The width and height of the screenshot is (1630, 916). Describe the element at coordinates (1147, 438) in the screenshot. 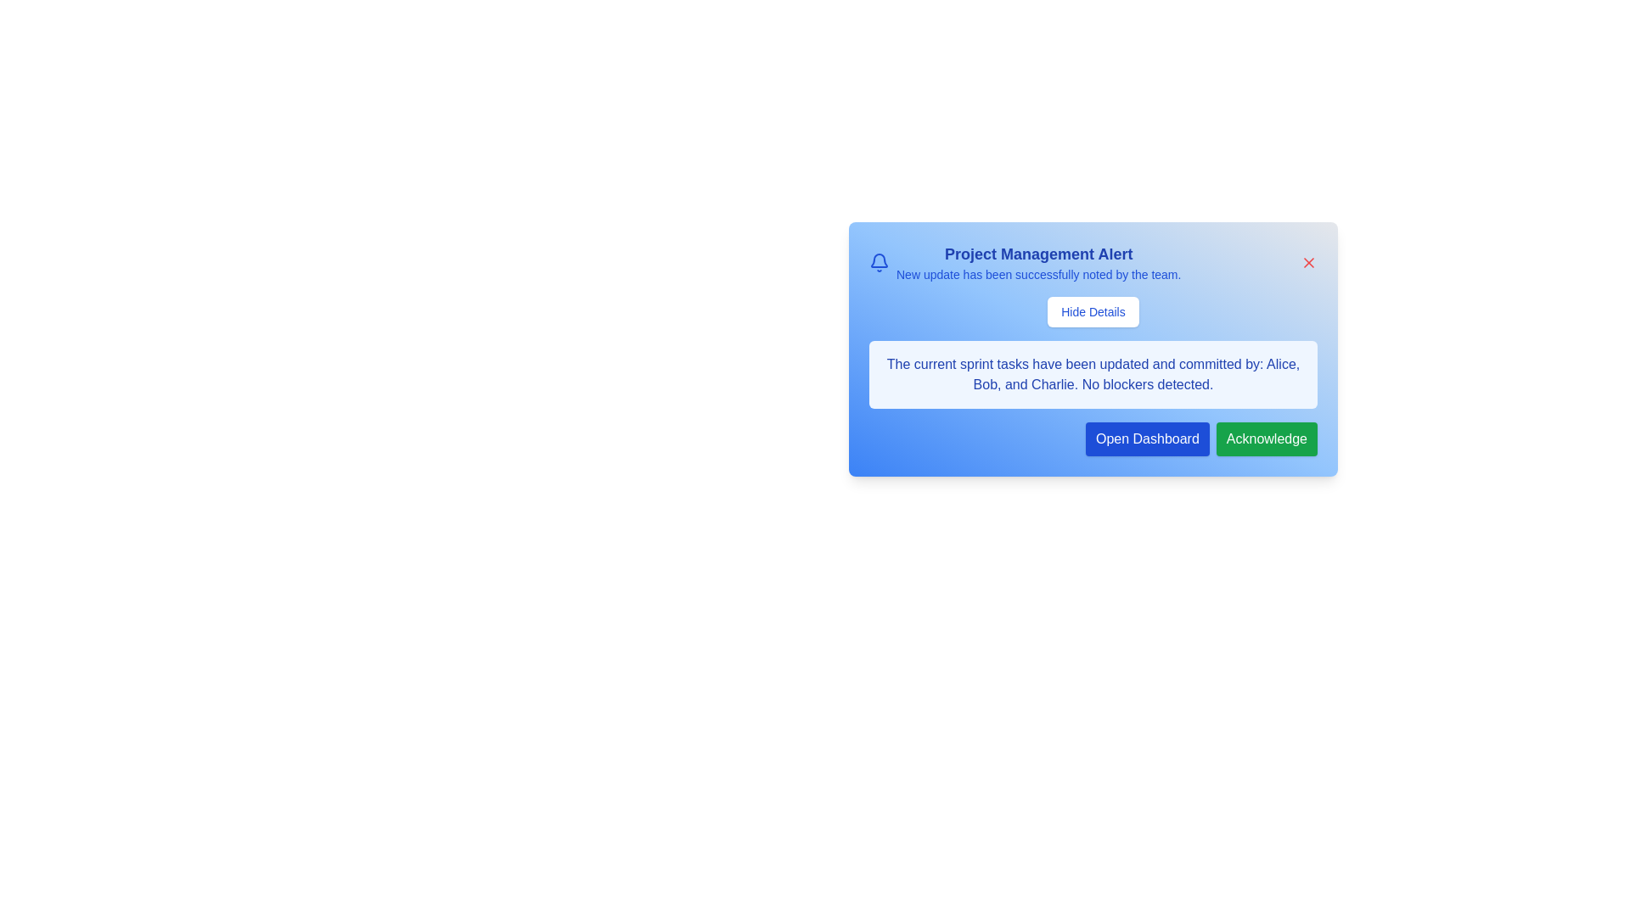

I see `the 'Open Dashboard' button to navigate to the dashboard` at that location.